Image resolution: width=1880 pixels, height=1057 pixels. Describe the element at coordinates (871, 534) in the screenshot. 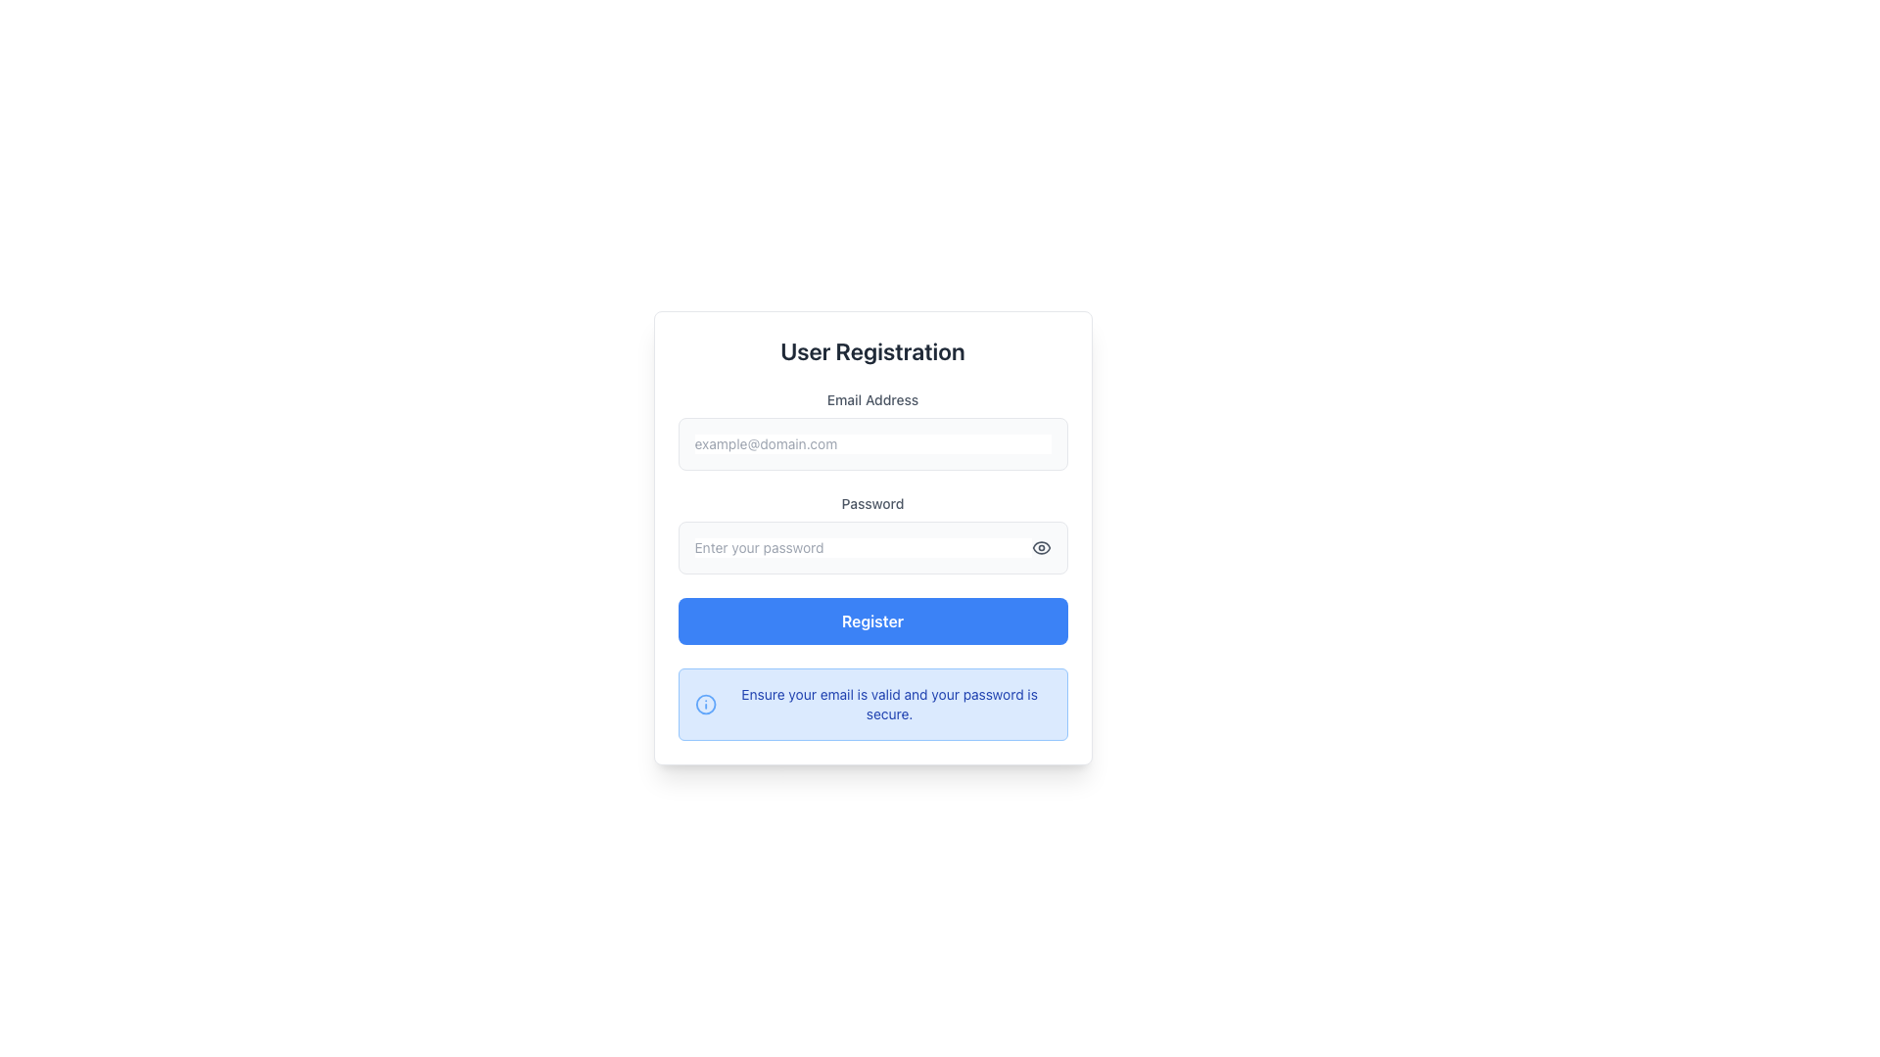

I see `the Password Input Field located in the user registration form` at that location.